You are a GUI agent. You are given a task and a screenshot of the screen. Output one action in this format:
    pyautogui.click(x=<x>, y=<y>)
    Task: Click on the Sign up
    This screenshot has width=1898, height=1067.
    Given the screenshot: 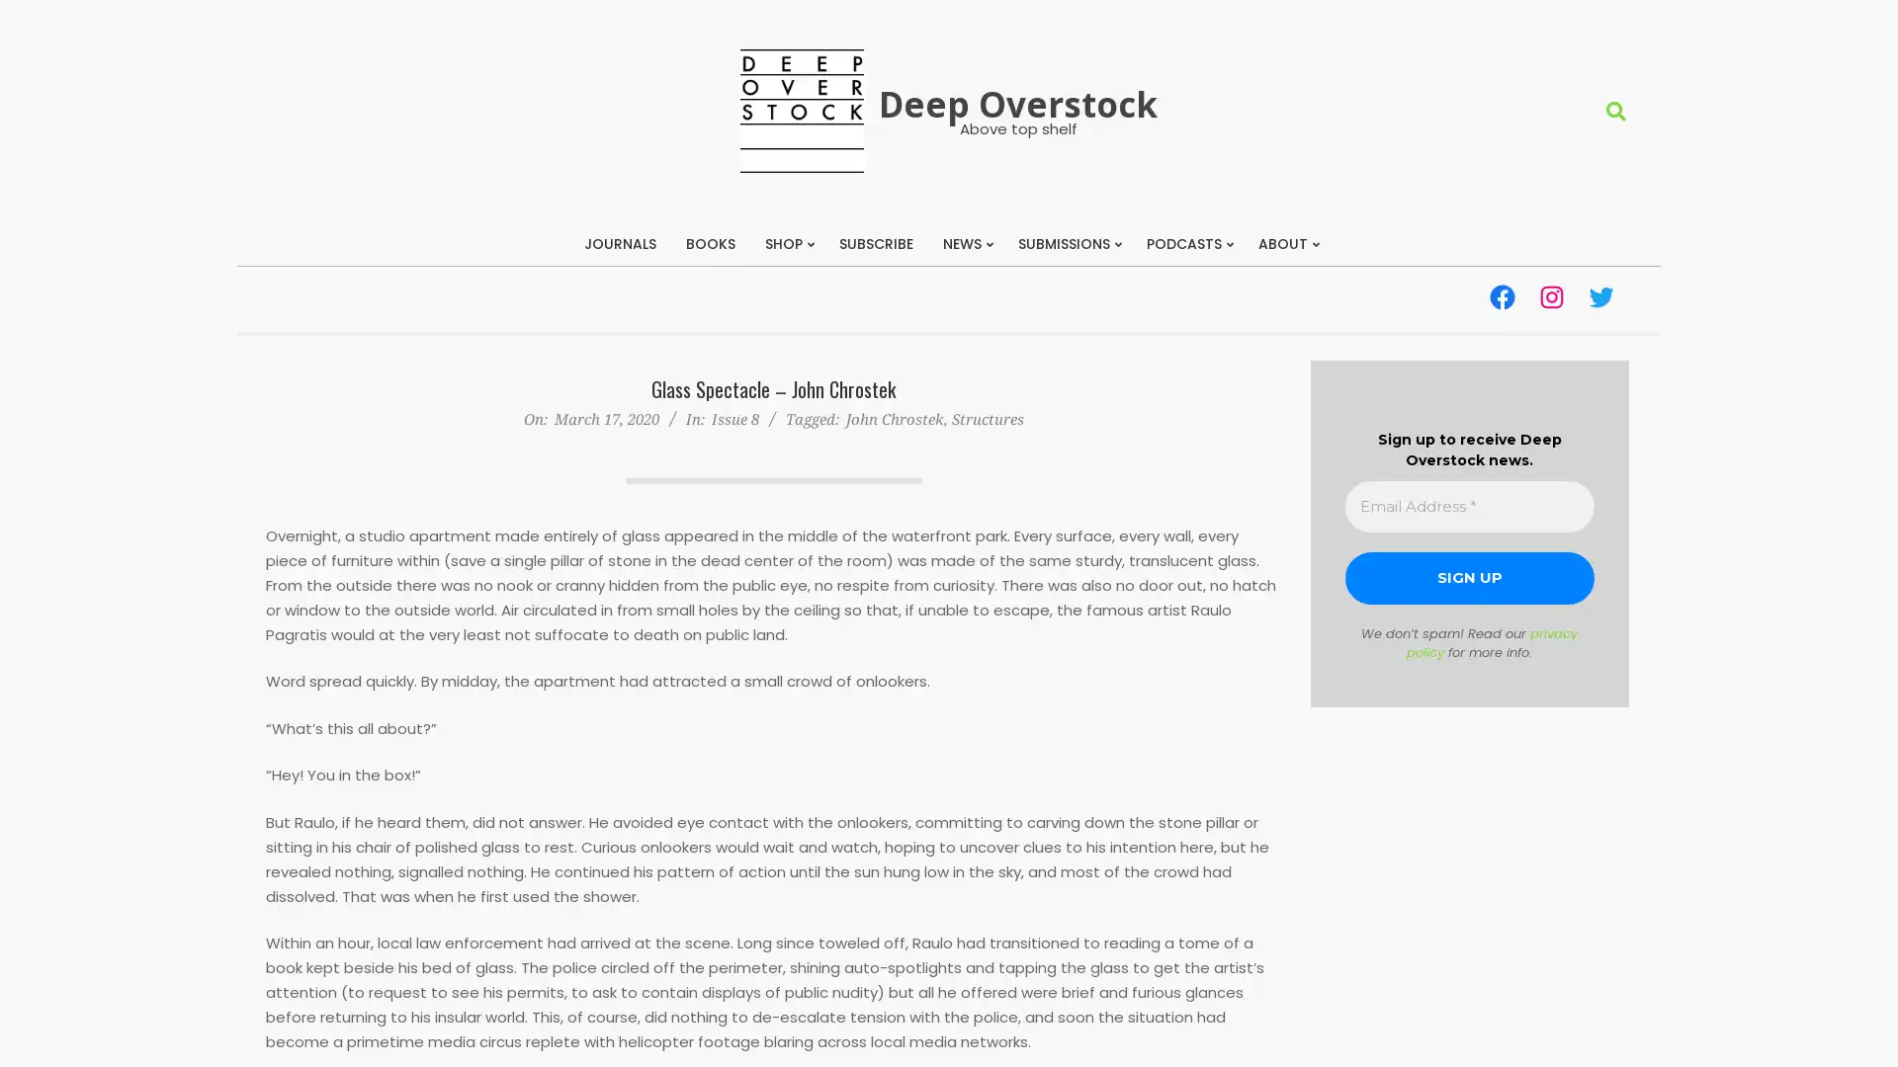 What is the action you would take?
    pyautogui.click(x=1469, y=578)
    